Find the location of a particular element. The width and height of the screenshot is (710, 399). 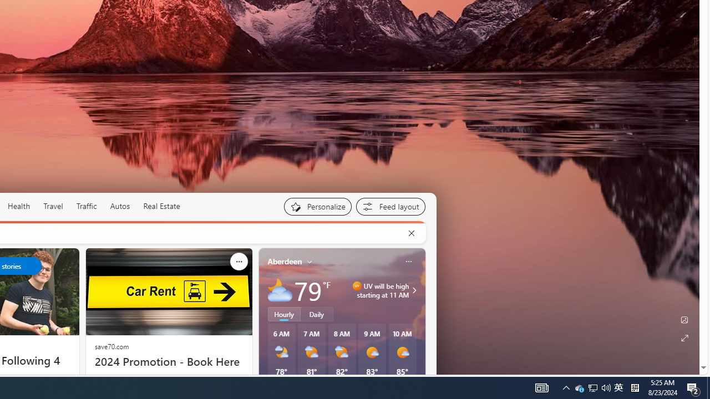

'Expand background' is located at coordinates (683, 337).